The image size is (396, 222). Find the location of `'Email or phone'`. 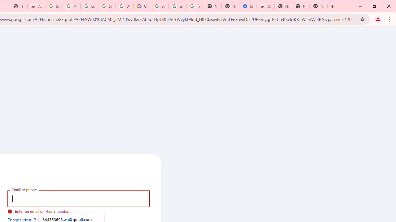

'Email or phone' is located at coordinates (78, 198).